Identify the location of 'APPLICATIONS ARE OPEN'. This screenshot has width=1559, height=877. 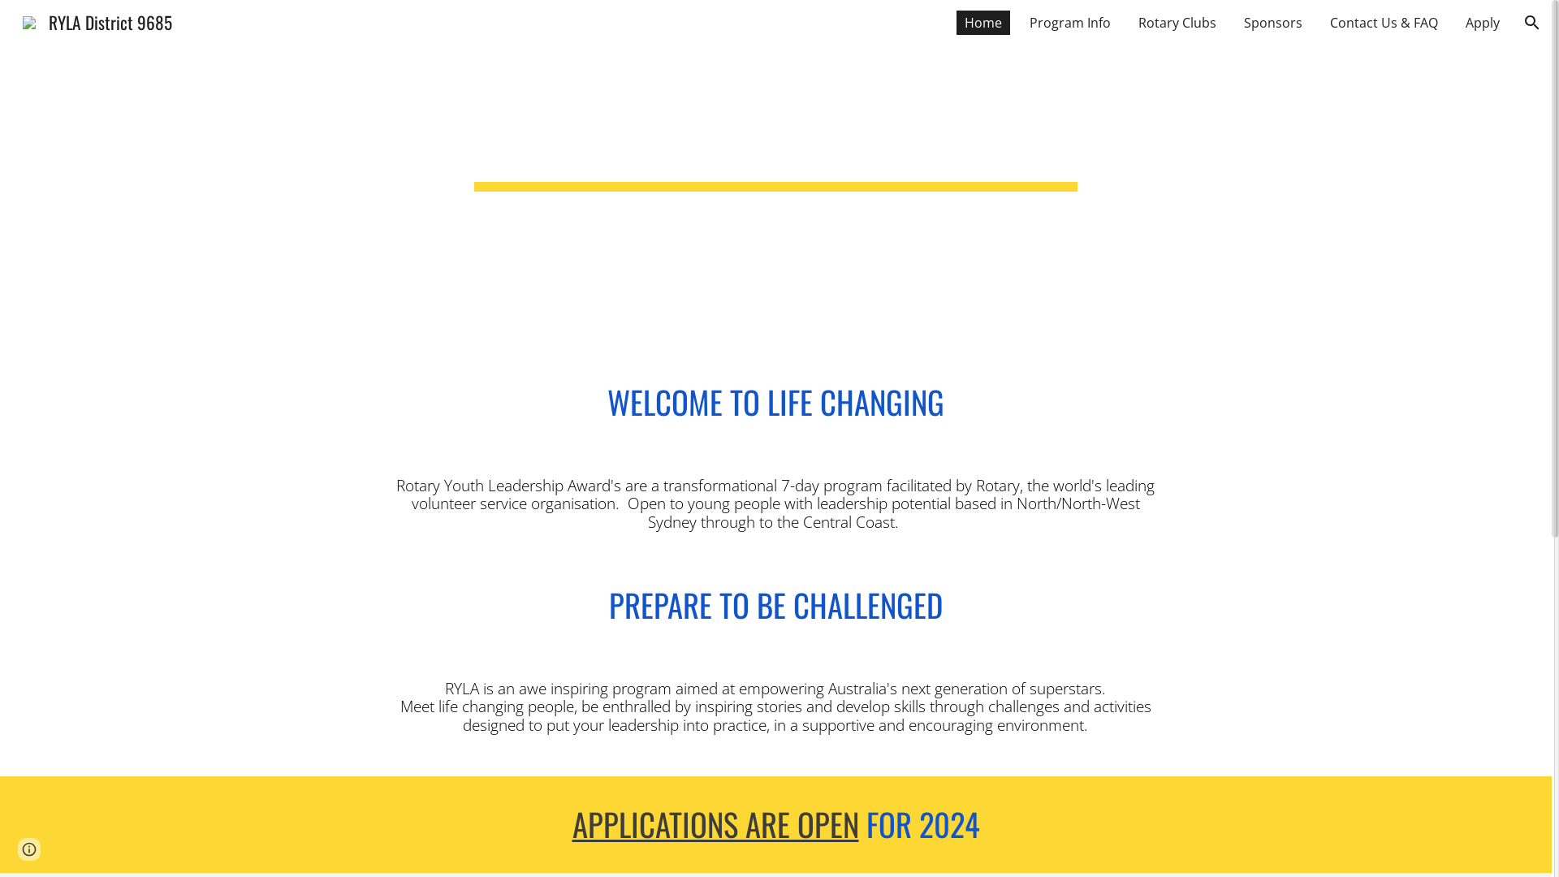
(715, 823).